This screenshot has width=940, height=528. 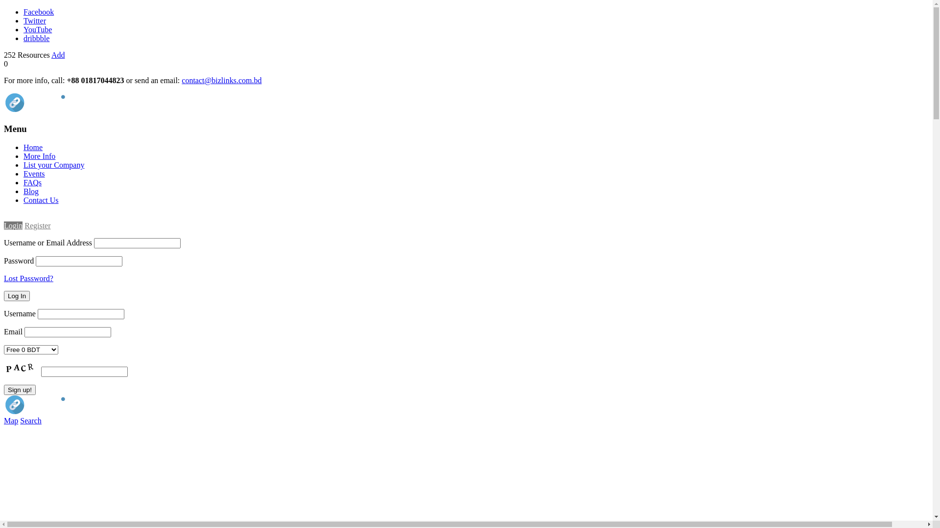 I want to click on 'dribbble', so click(x=36, y=38).